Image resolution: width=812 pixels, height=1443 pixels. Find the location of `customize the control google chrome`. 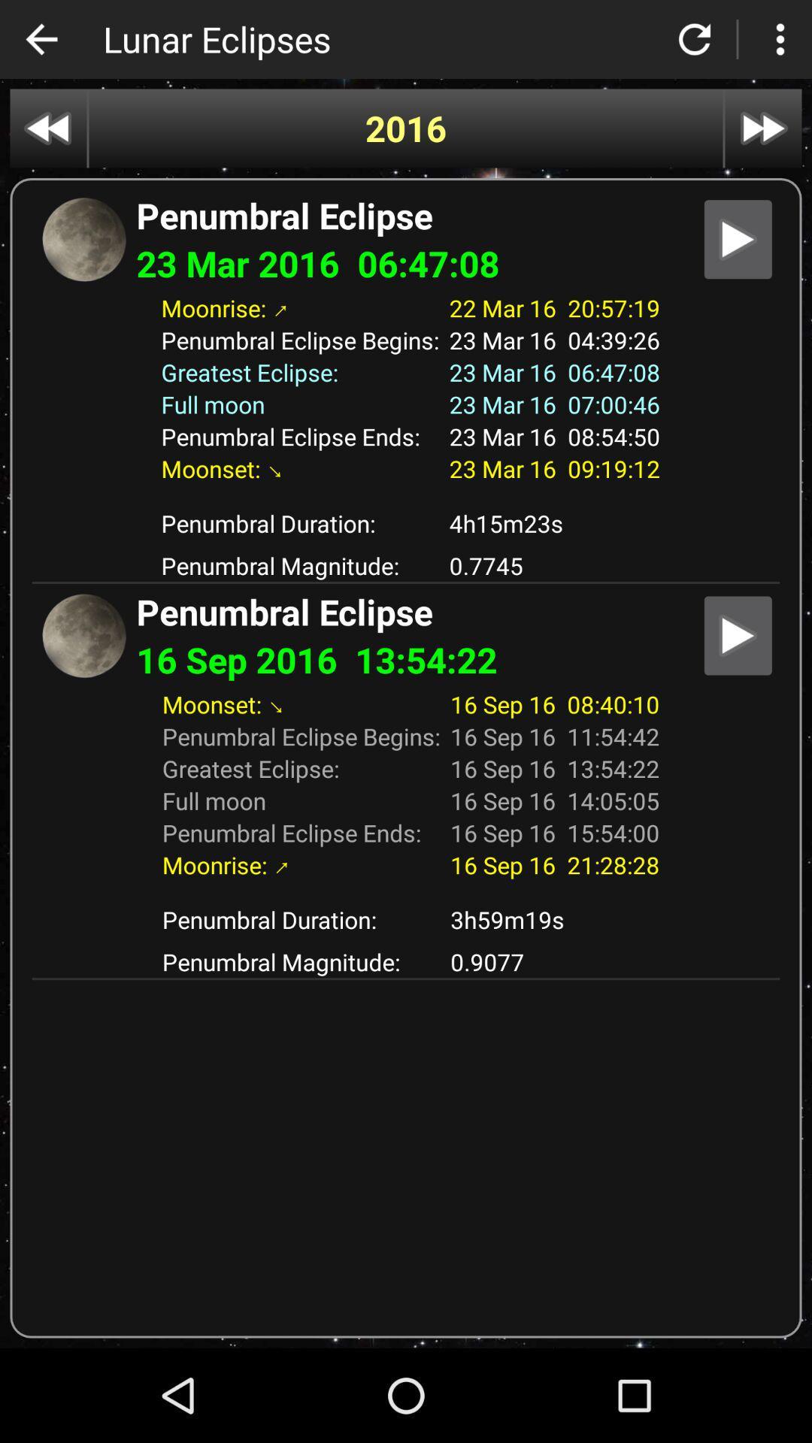

customize the control google chrome is located at coordinates (779, 39).